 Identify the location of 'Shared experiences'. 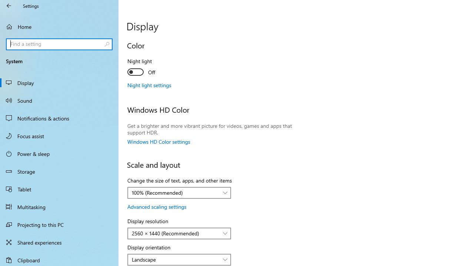
(59, 242).